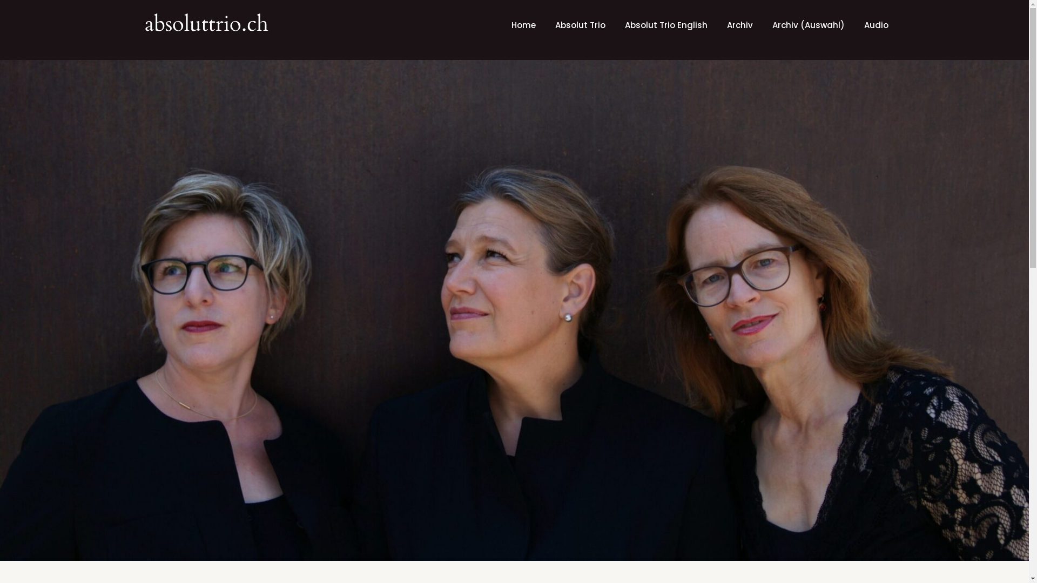 The image size is (1037, 583). I want to click on 'Home', so click(523, 25).